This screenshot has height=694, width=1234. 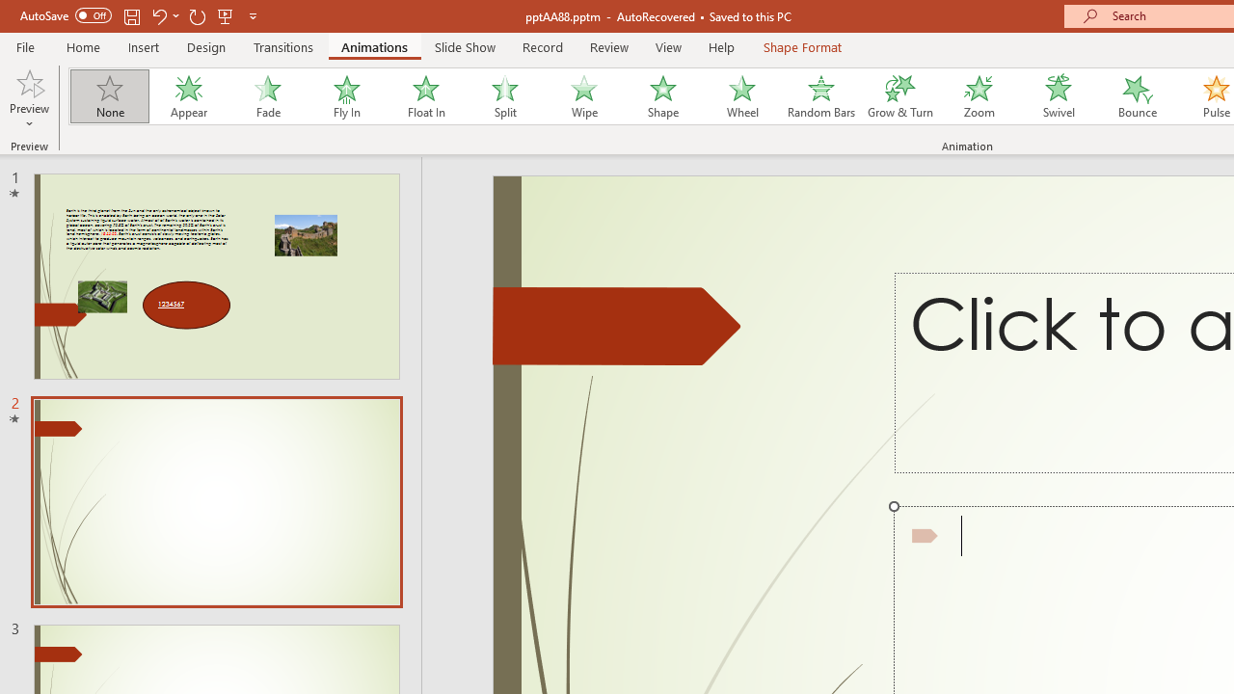 I want to click on 'Wheel', so click(x=741, y=96).